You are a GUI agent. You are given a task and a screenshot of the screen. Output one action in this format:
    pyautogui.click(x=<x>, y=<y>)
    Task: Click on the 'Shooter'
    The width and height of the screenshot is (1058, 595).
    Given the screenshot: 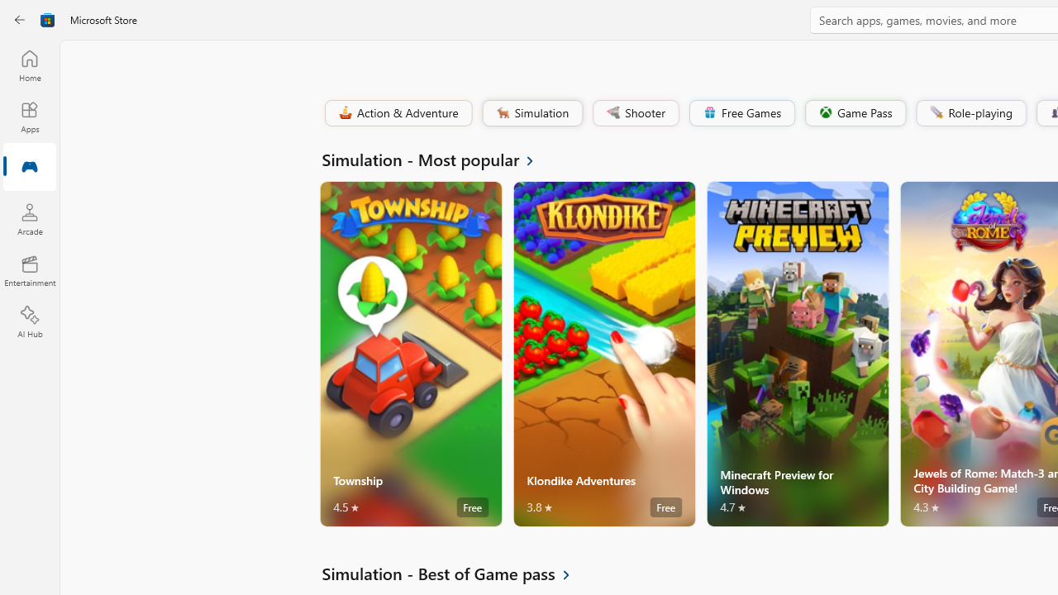 What is the action you would take?
    pyautogui.click(x=634, y=112)
    